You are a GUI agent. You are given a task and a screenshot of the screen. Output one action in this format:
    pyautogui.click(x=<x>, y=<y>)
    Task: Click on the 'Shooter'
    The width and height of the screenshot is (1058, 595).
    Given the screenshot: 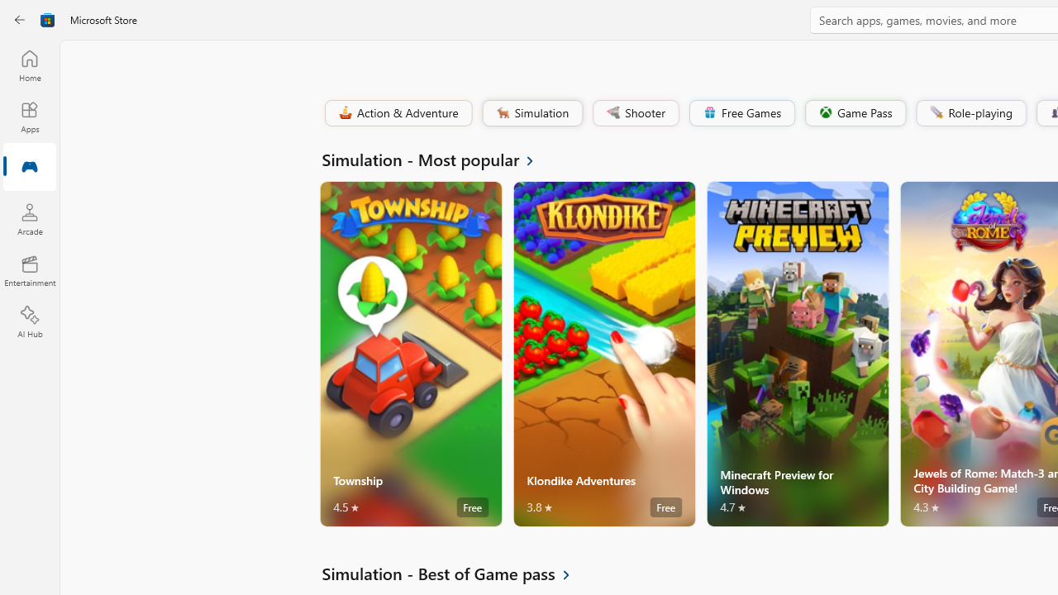 What is the action you would take?
    pyautogui.click(x=634, y=112)
    